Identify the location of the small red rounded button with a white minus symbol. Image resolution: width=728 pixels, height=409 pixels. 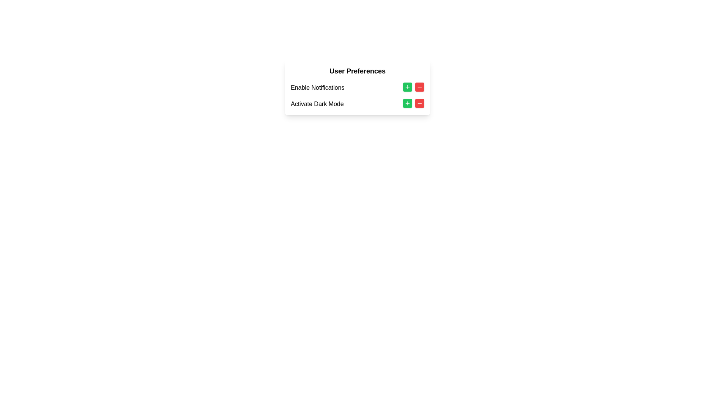
(419, 103).